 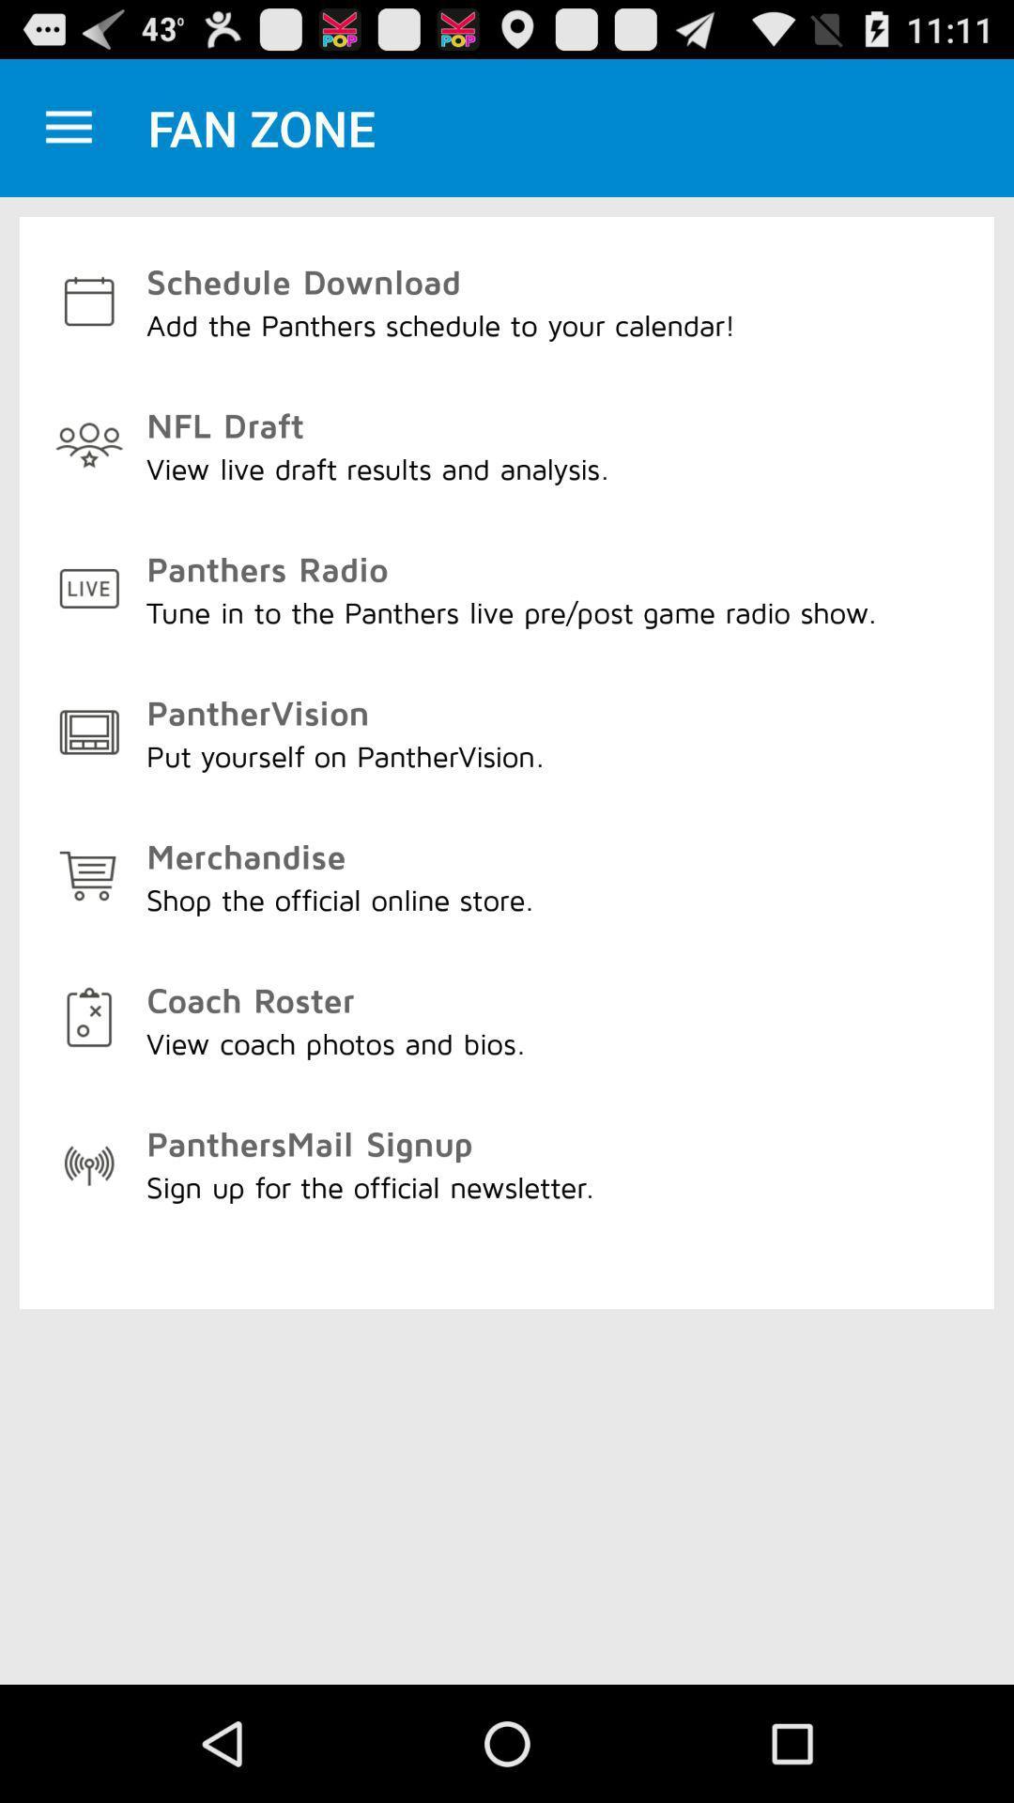 What do you see at coordinates (68, 127) in the screenshot?
I see `open menu` at bounding box center [68, 127].